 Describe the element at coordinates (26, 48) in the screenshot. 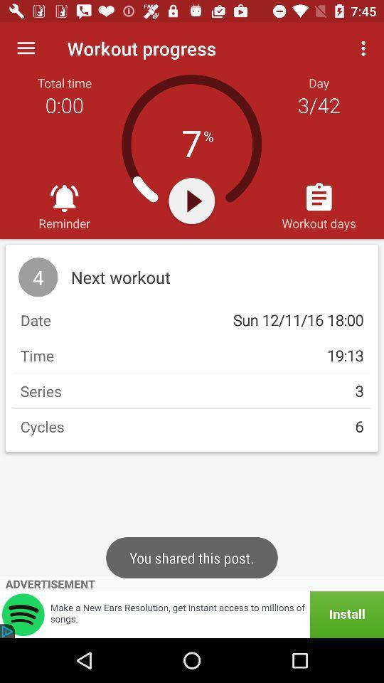

I see `the app to the left of workout progress icon` at that location.